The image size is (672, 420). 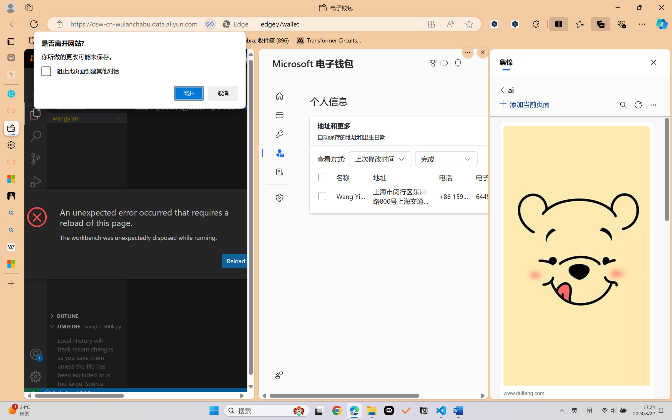 What do you see at coordinates (182, 274) in the screenshot?
I see `'Output (Ctrl+Shift+U)'` at bounding box center [182, 274].